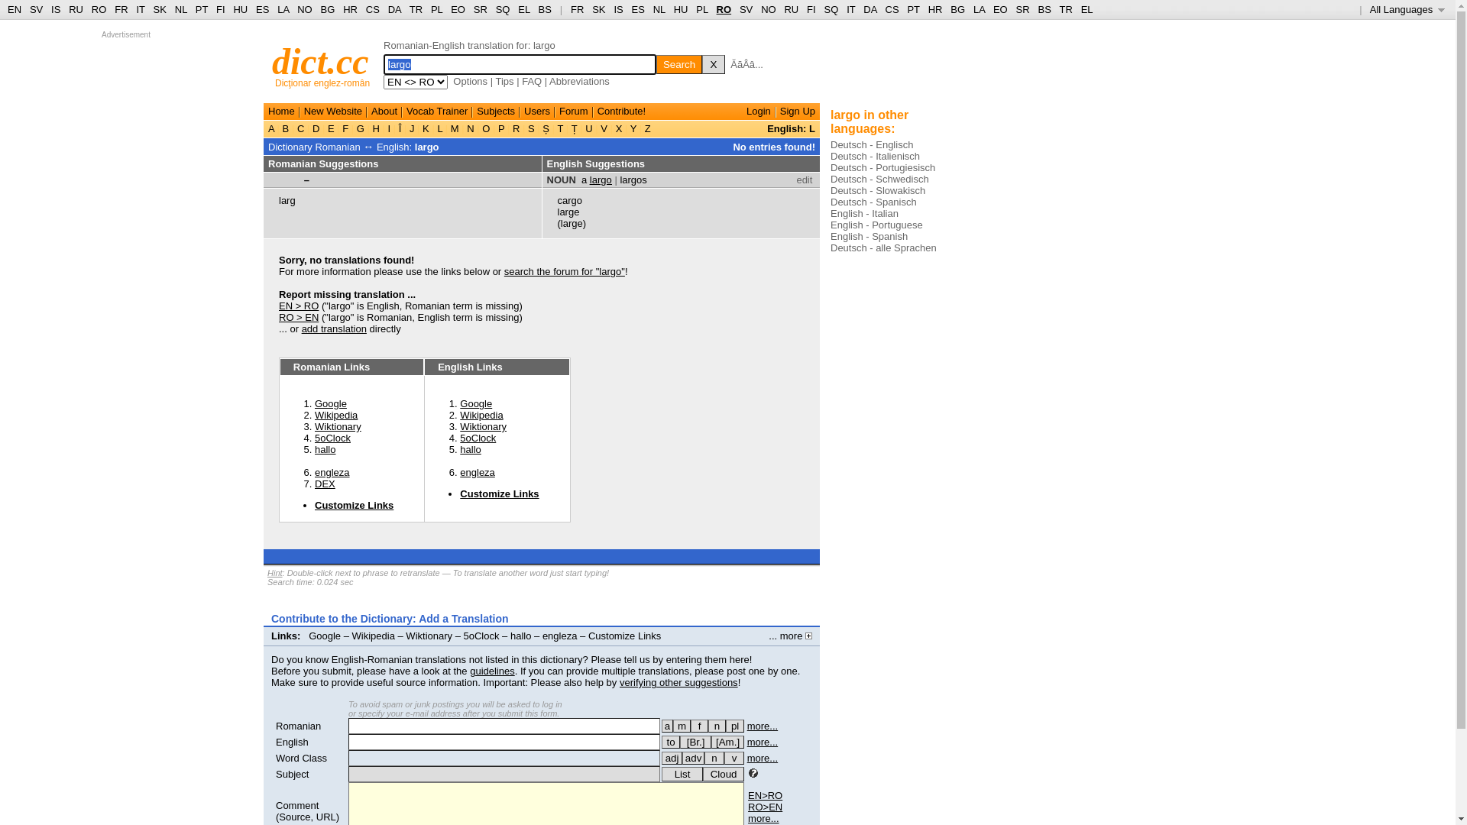 The width and height of the screenshot is (1467, 825). I want to click on 'SV', so click(29, 9).